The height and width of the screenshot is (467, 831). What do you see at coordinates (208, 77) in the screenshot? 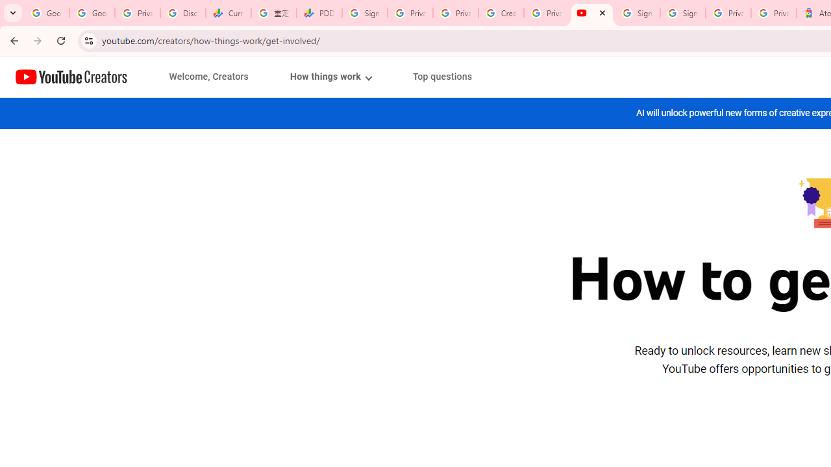
I see `'Welcome, Creators'` at bounding box center [208, 77].